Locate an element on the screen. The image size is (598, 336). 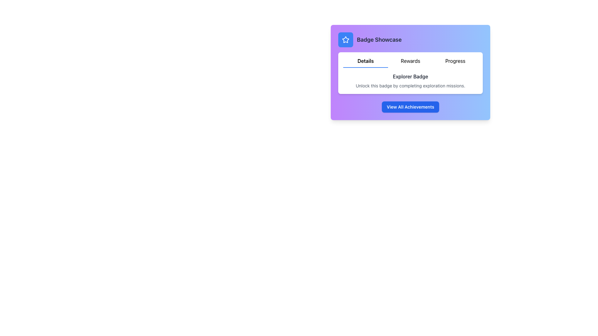
displayed information on the 'Explorer Badge' achievement from the Informational Card located in the middle area of the 'Badge Showcase' section is located at coordinates (411, 73).